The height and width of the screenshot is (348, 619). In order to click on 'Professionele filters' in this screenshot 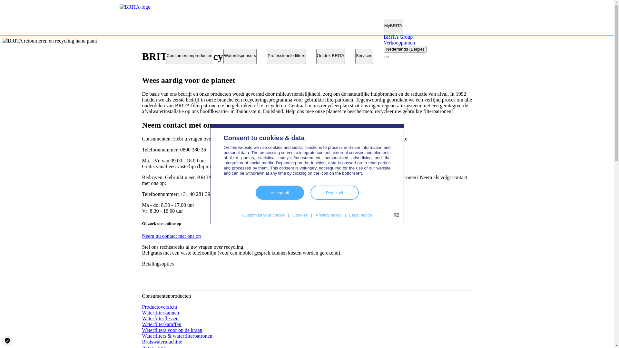, I will do `click(267, 56)`.